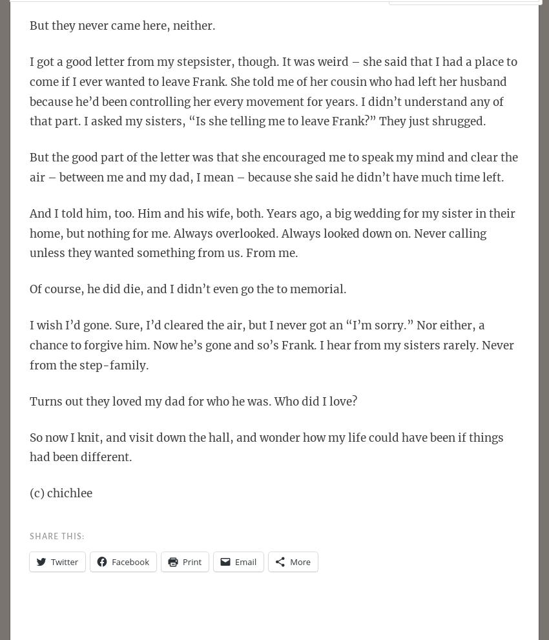  What do you see at coordinates (273, 232) in the screenshot?
I see `'And I told him, too. Him and his wife, both. Years ago, a big wedding for my sister in their home, but nothing for me. Always overlooked. Always looked down on. Never calling unless they wanted something from us. From me.'` at bounding box center [273, 232].